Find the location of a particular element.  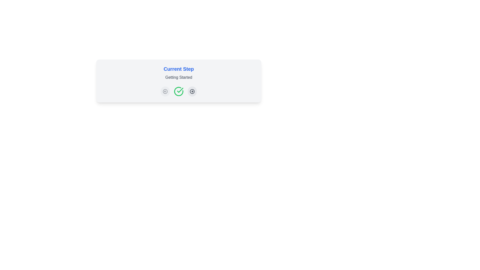

text content of the Heading with a subtitle that displays the current step or progress state in the process, located centrally above a row of icons or buttons is located at coordinates (179, 73).